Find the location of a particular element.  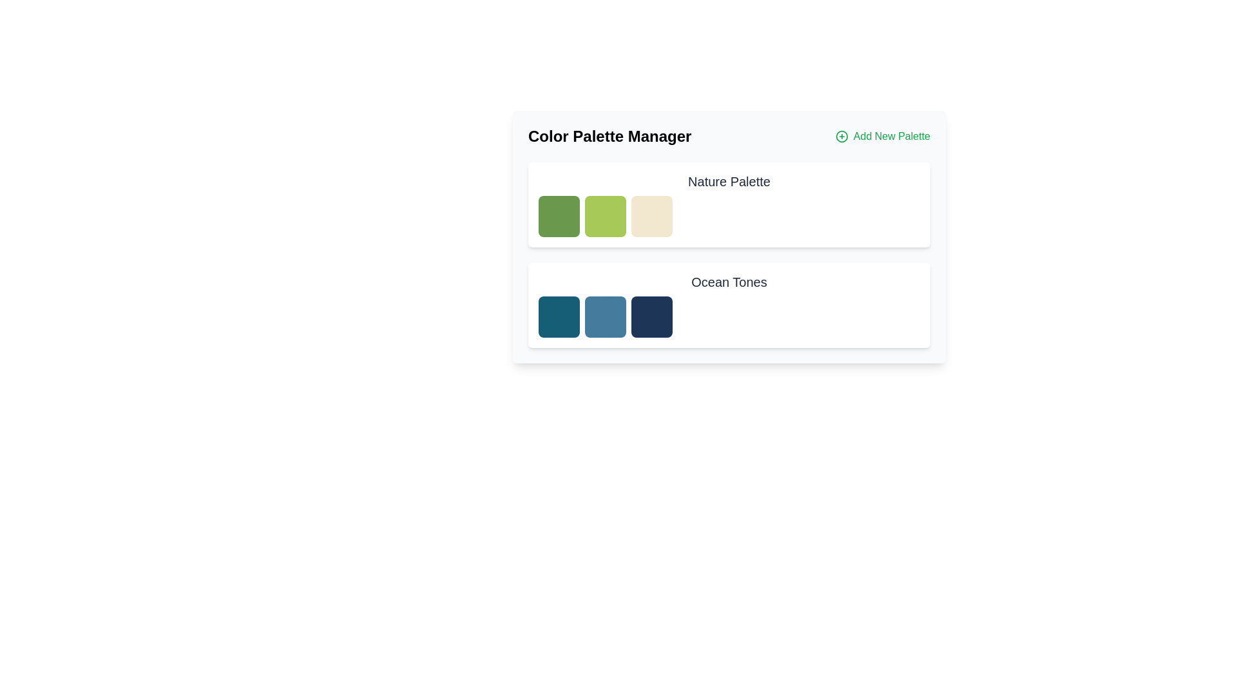

the first green color block in the Nature Palette section, which has rounded corners is located at coordinates (559, 215).